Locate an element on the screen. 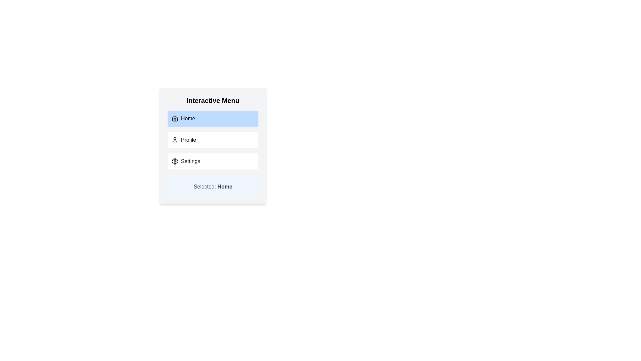  the 'Profile' text label is located at coordinates (188, 140).